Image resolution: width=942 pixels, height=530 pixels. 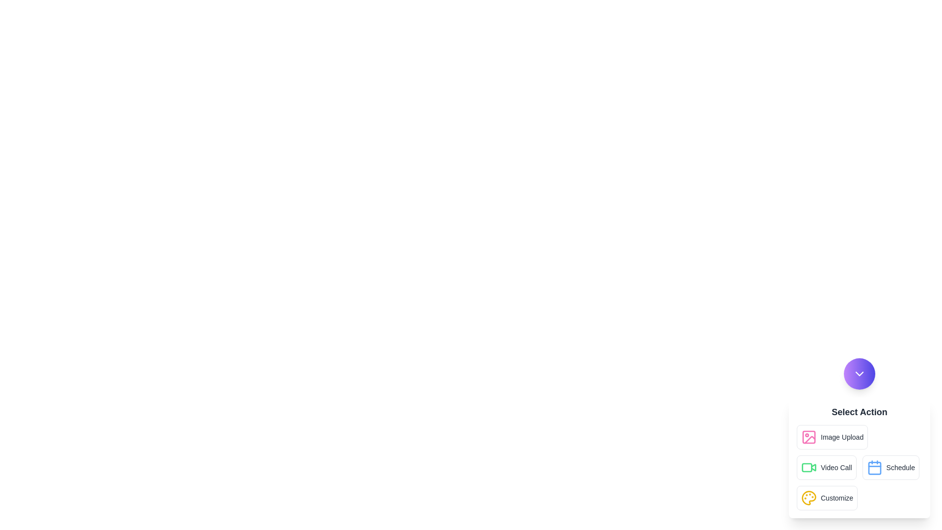 I want to click on the blue calendar icon, which features a minimalist outlined design with rounded edges, located to the left of the 'Schedule' text, so click(x=874, y=467).